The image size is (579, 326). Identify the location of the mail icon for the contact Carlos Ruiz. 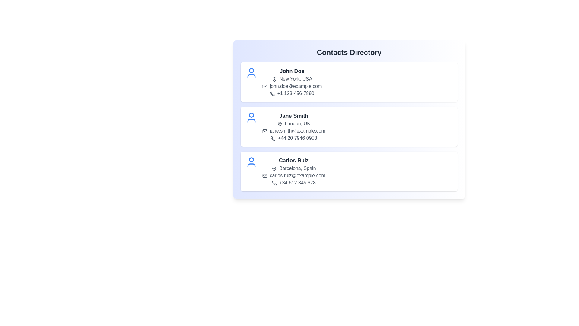
(265, 176).